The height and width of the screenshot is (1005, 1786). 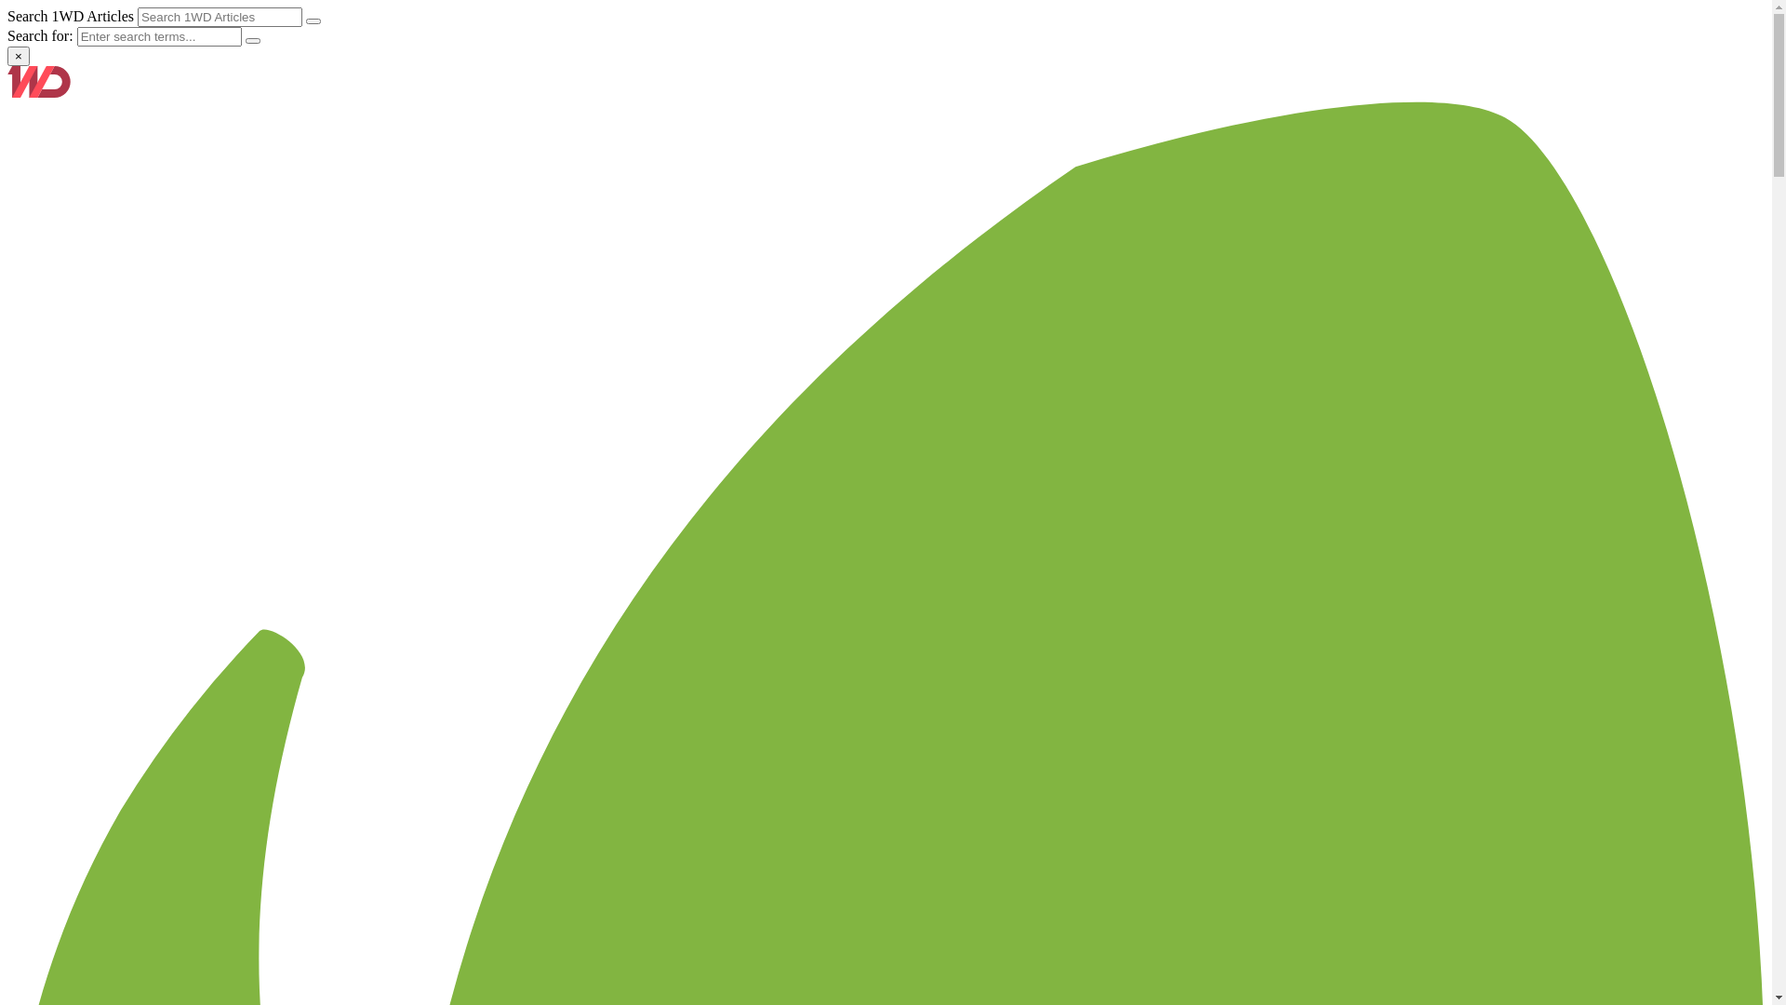 What do you see at coordinates (39, 92) in the screenshot?
I see `'1stWebDesigner'` at bounding box center [39, 92].